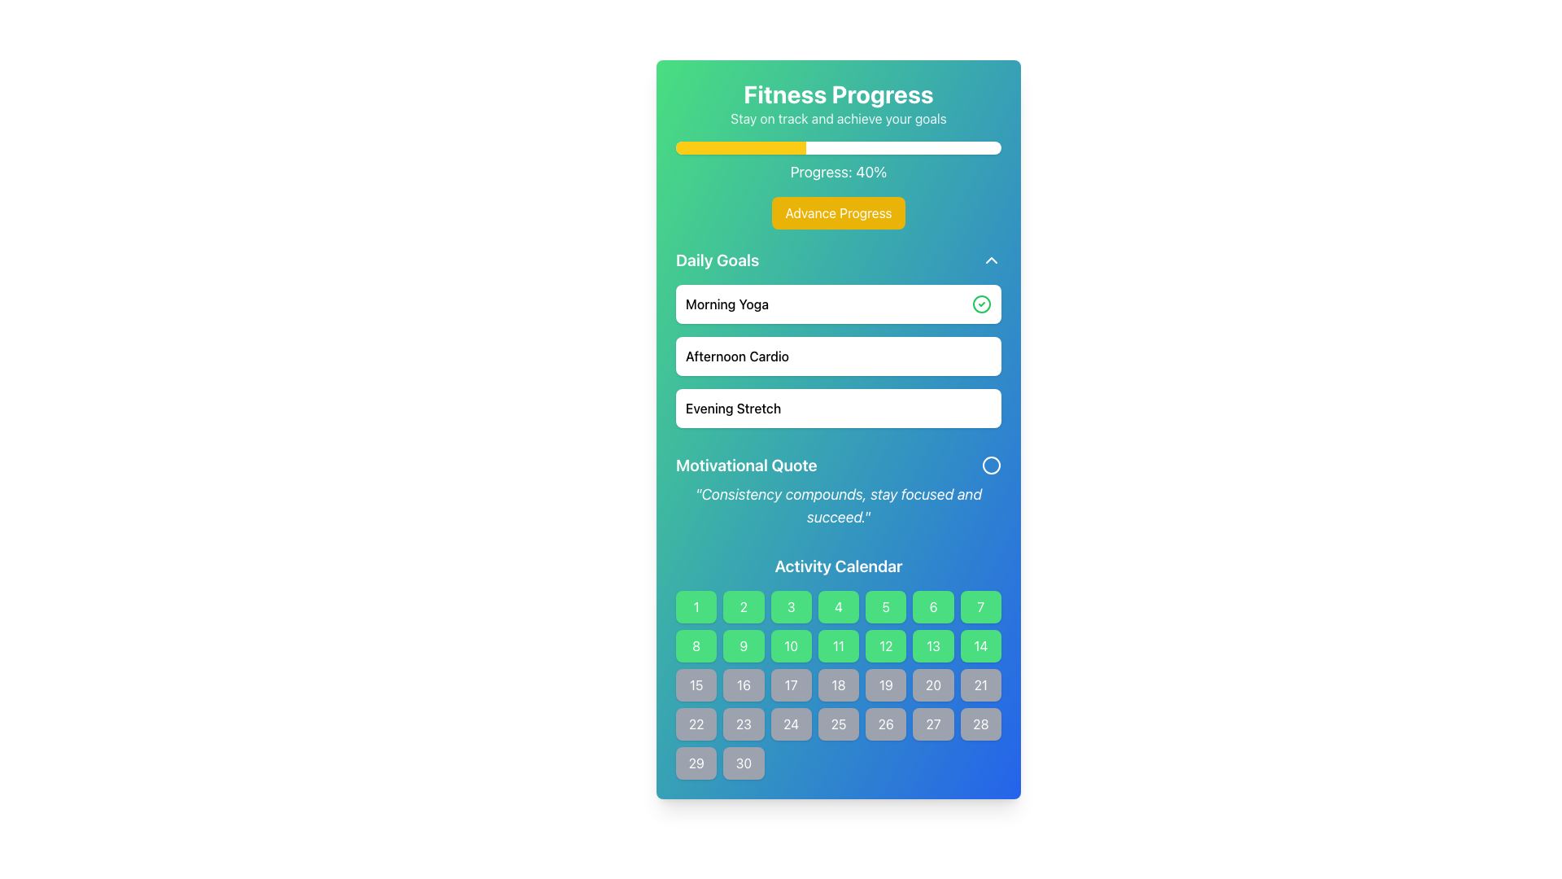 This screenshot has height=879, width=1562. I want to click on the Decorative circle element that serves as an indicator associated with the 'Motivational Quote' section, positioned to the right of the quote text area, so click(991, 465).